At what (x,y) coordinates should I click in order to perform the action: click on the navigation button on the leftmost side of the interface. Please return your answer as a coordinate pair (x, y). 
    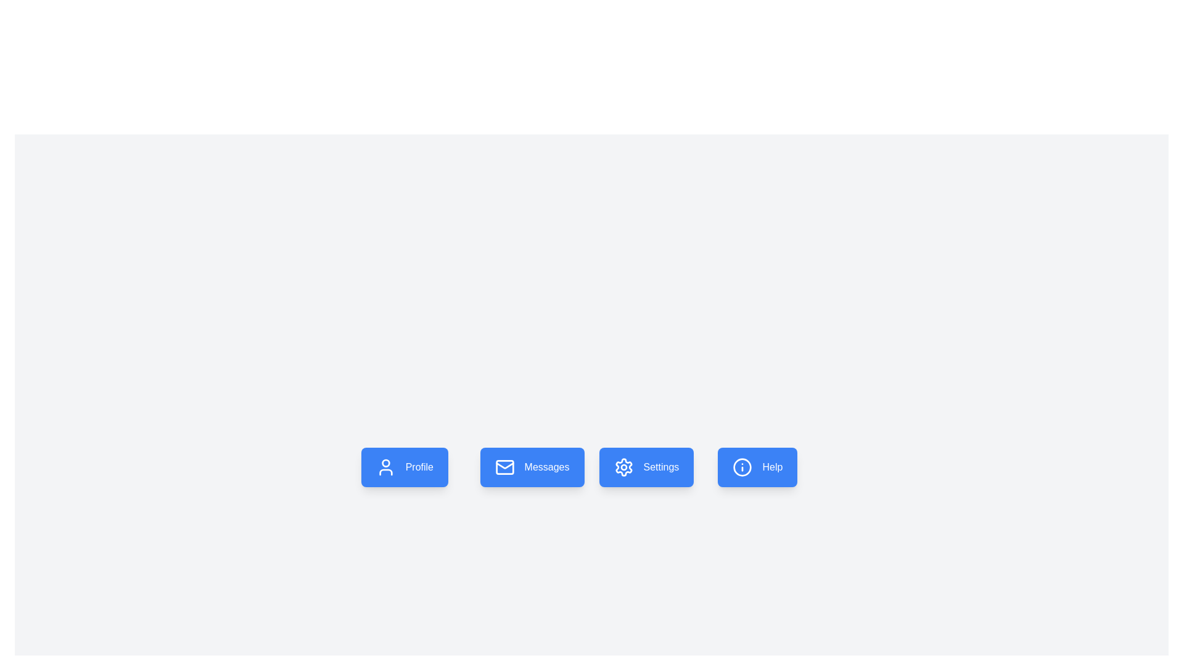
    Looking at the image, I should click on (413, 467).